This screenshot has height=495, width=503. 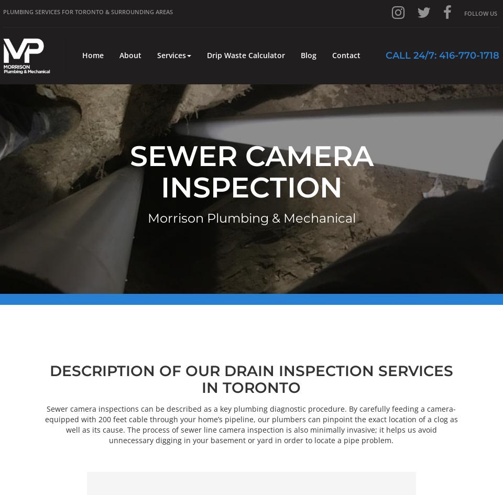 I want to click on 'Call 24/7: 416-770-1718', so click(x=442, y=55).